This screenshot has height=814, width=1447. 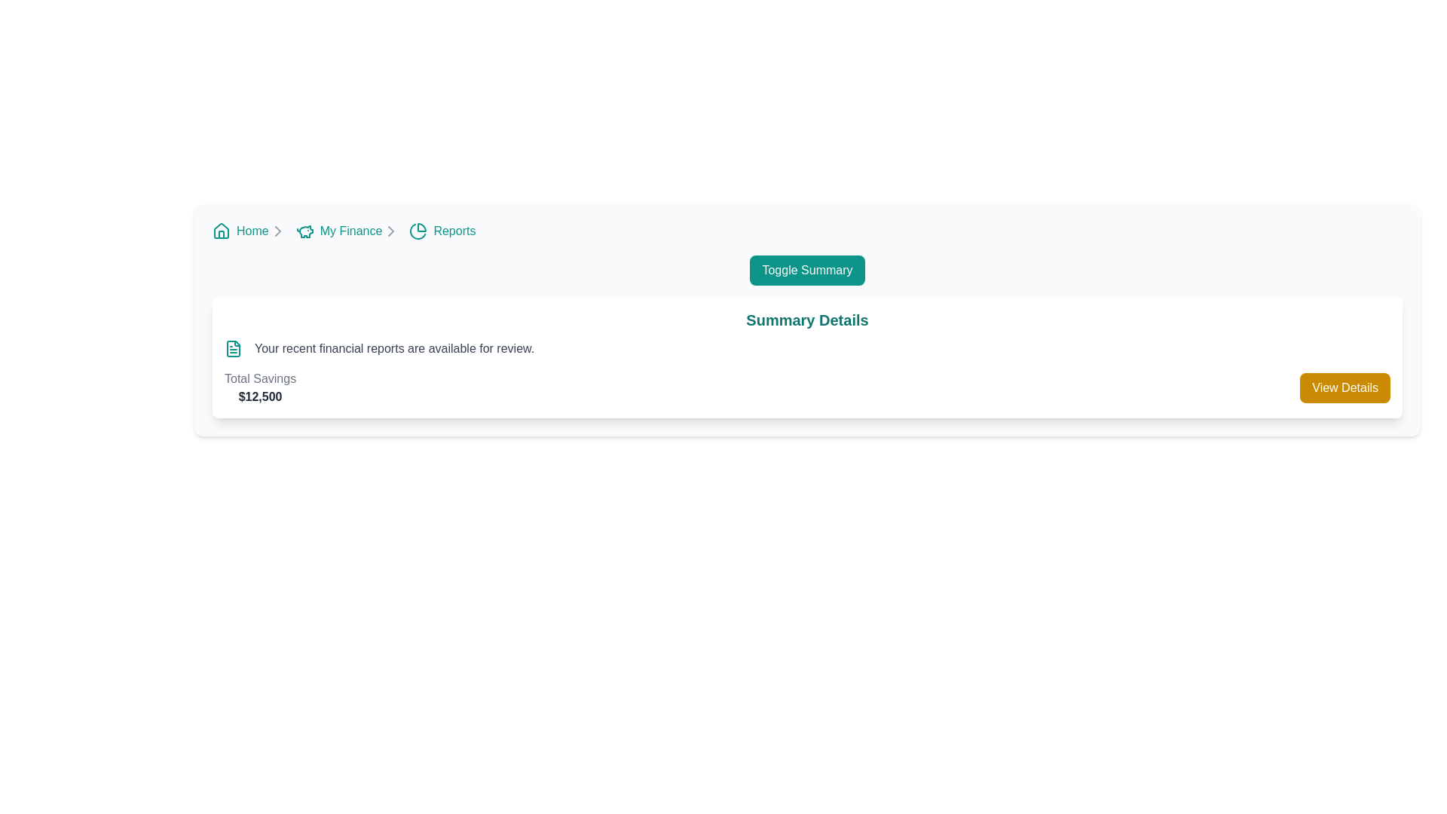 I want to click on the house icon with a green outline located on the left-hand side of the navigation bar, preceding the label 'Home', so click(x=220, y=231).